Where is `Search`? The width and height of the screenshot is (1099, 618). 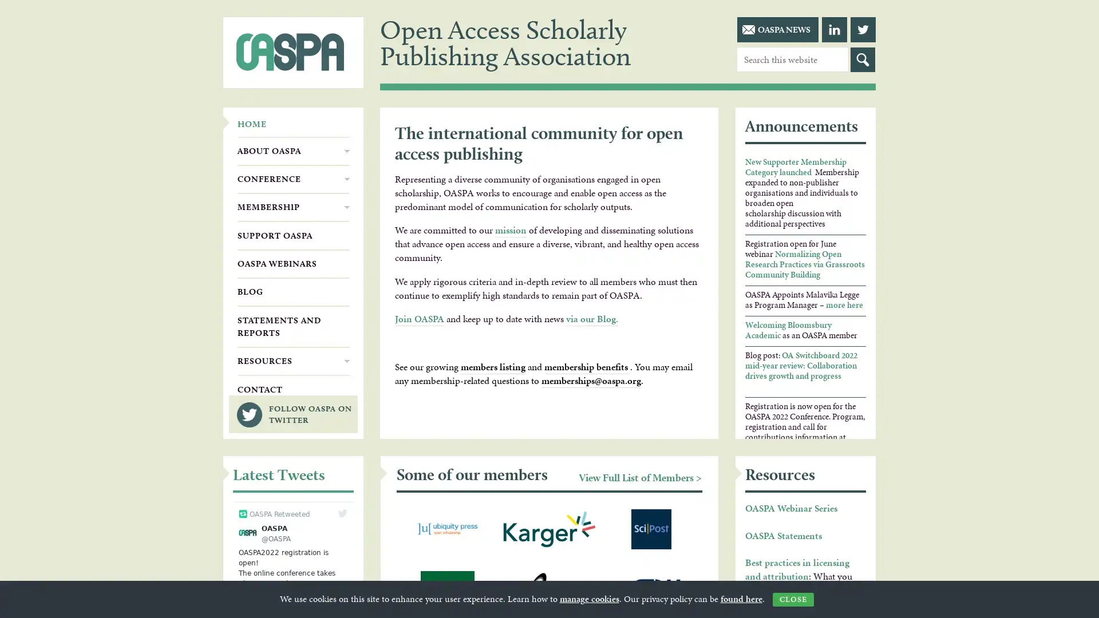 Search is located at coordinates (863, 60).